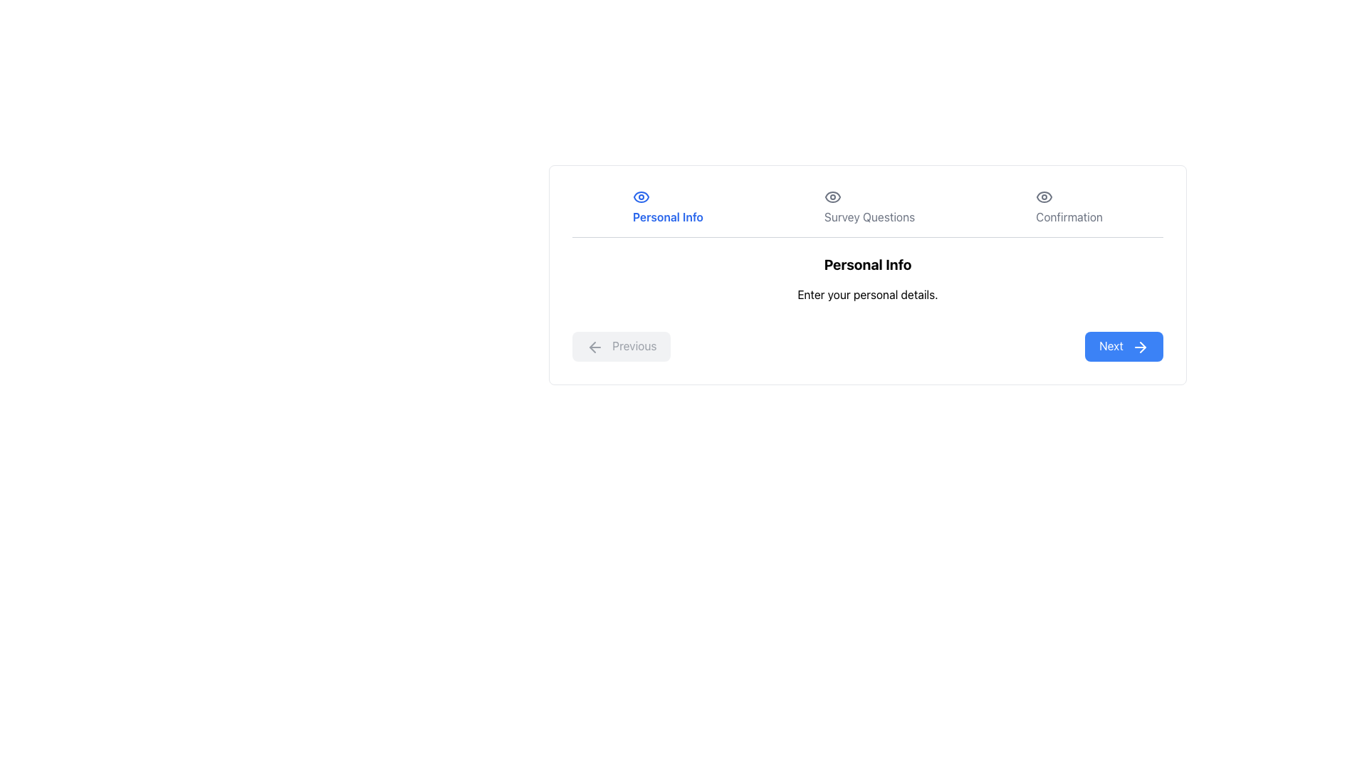 The width and height of the screenshot is (1367, 769). I want to click on the icon representing the 'Survey Questions' section, which is located above the text 'Survey Questions' and is the second element in the horizontal icon list, so click(832, 197).